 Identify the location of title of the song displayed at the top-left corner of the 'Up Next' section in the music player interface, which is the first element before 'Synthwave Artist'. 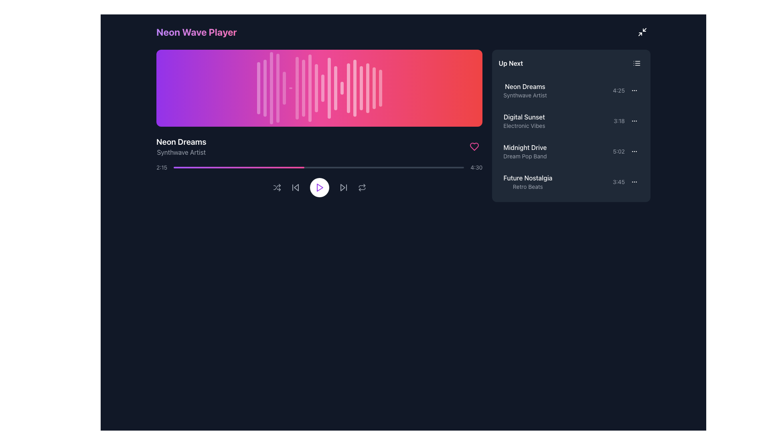
(525, 87).